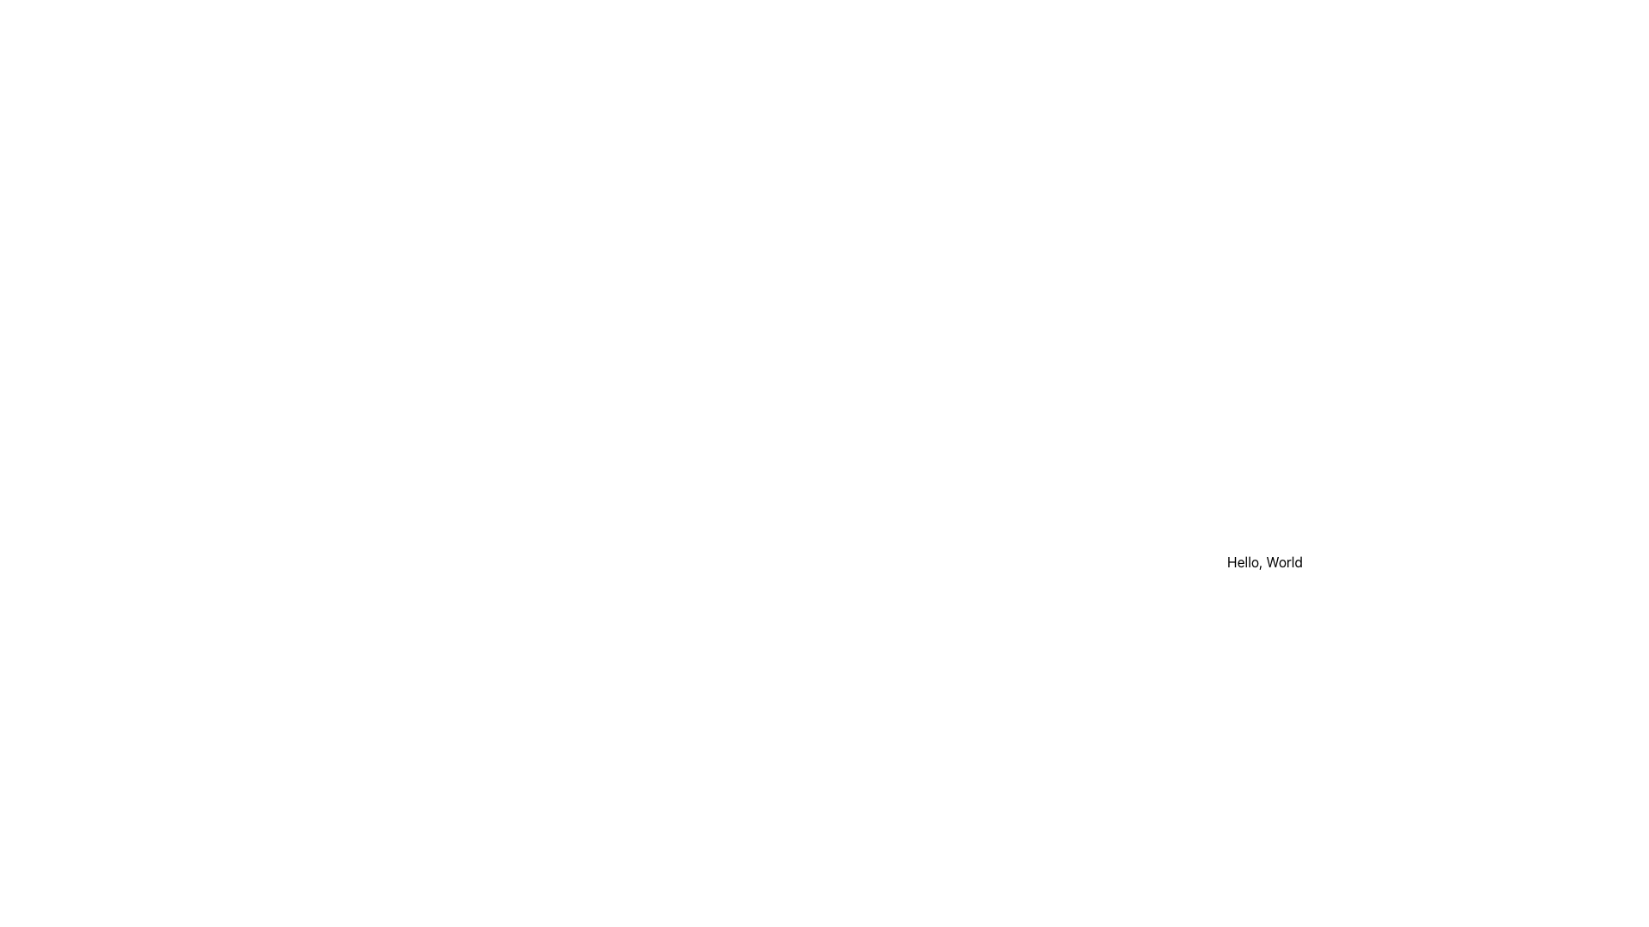  I want to click on the static text element displaying 'Hello, World' located in a fixed panel with a white background, so click(1265, 562).